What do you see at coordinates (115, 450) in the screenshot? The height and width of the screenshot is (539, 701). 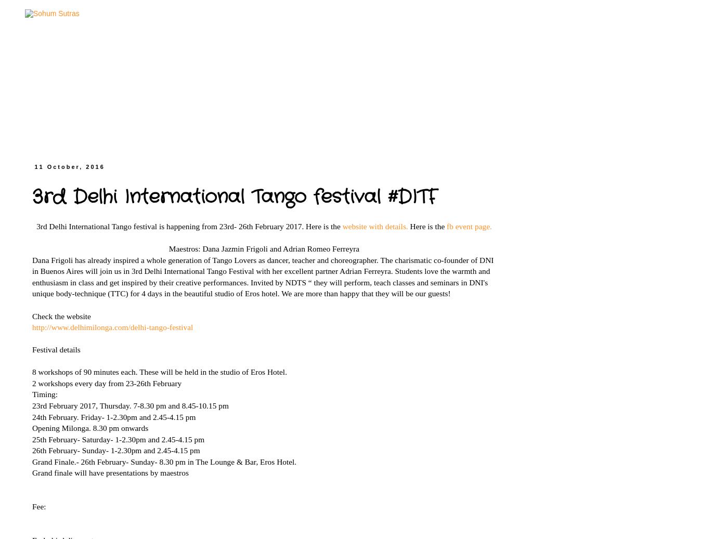 I see `'26th February- Sunday- 1-2.30pm and 2.45-4.15 pm'` at bounding box center [115, 450].